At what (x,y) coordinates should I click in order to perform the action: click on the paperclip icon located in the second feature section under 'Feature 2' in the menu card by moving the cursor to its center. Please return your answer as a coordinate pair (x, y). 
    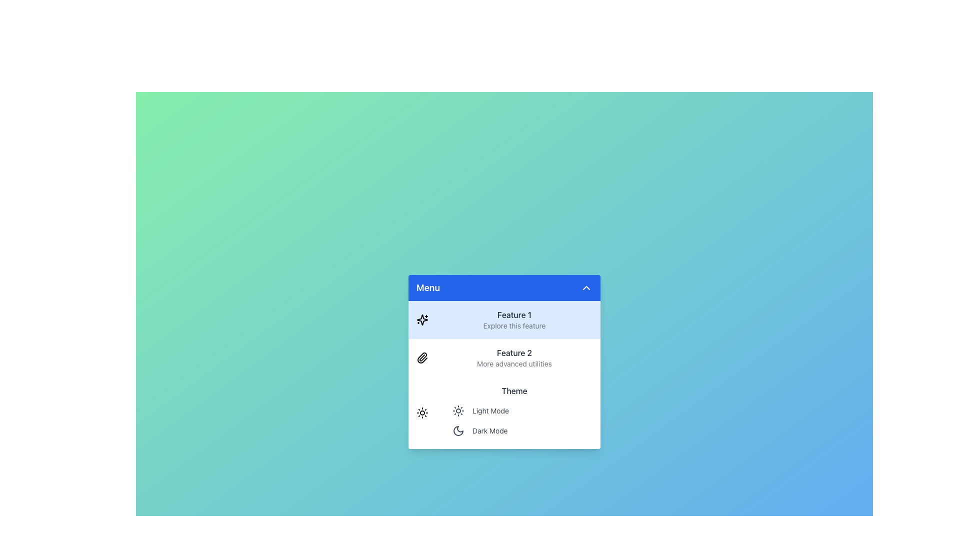
    Looking at the image, I should click on (422, 357).